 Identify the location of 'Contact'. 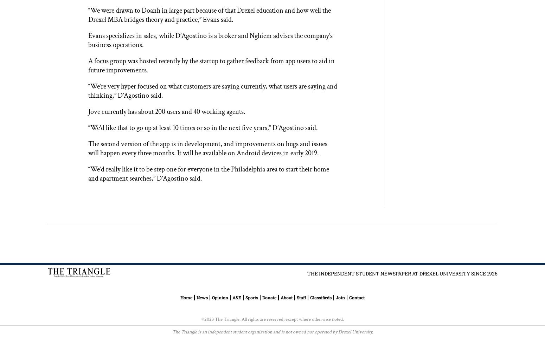
(357, 298).